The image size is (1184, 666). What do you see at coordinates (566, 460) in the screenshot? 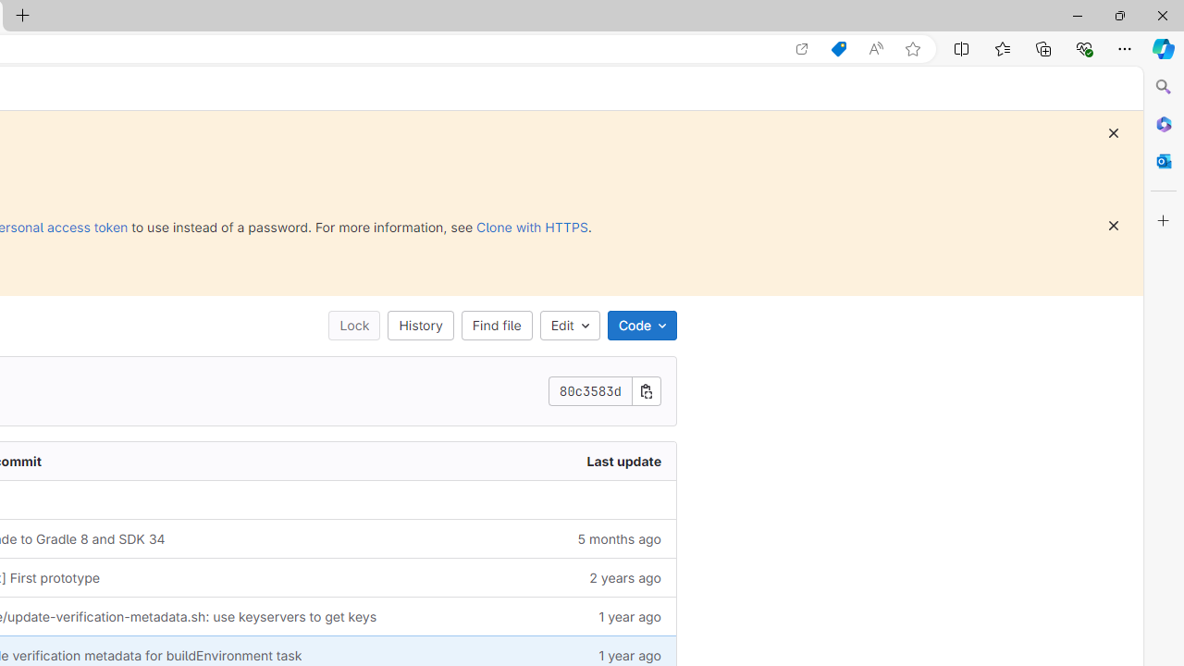
I see `'Last update'` at bounding box center [566, 460].